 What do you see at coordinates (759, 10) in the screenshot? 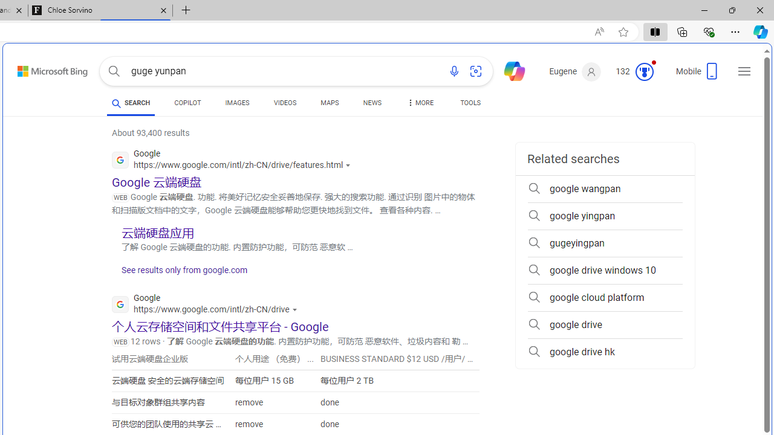
I see `'Close'` at bounding box center [759, 10].